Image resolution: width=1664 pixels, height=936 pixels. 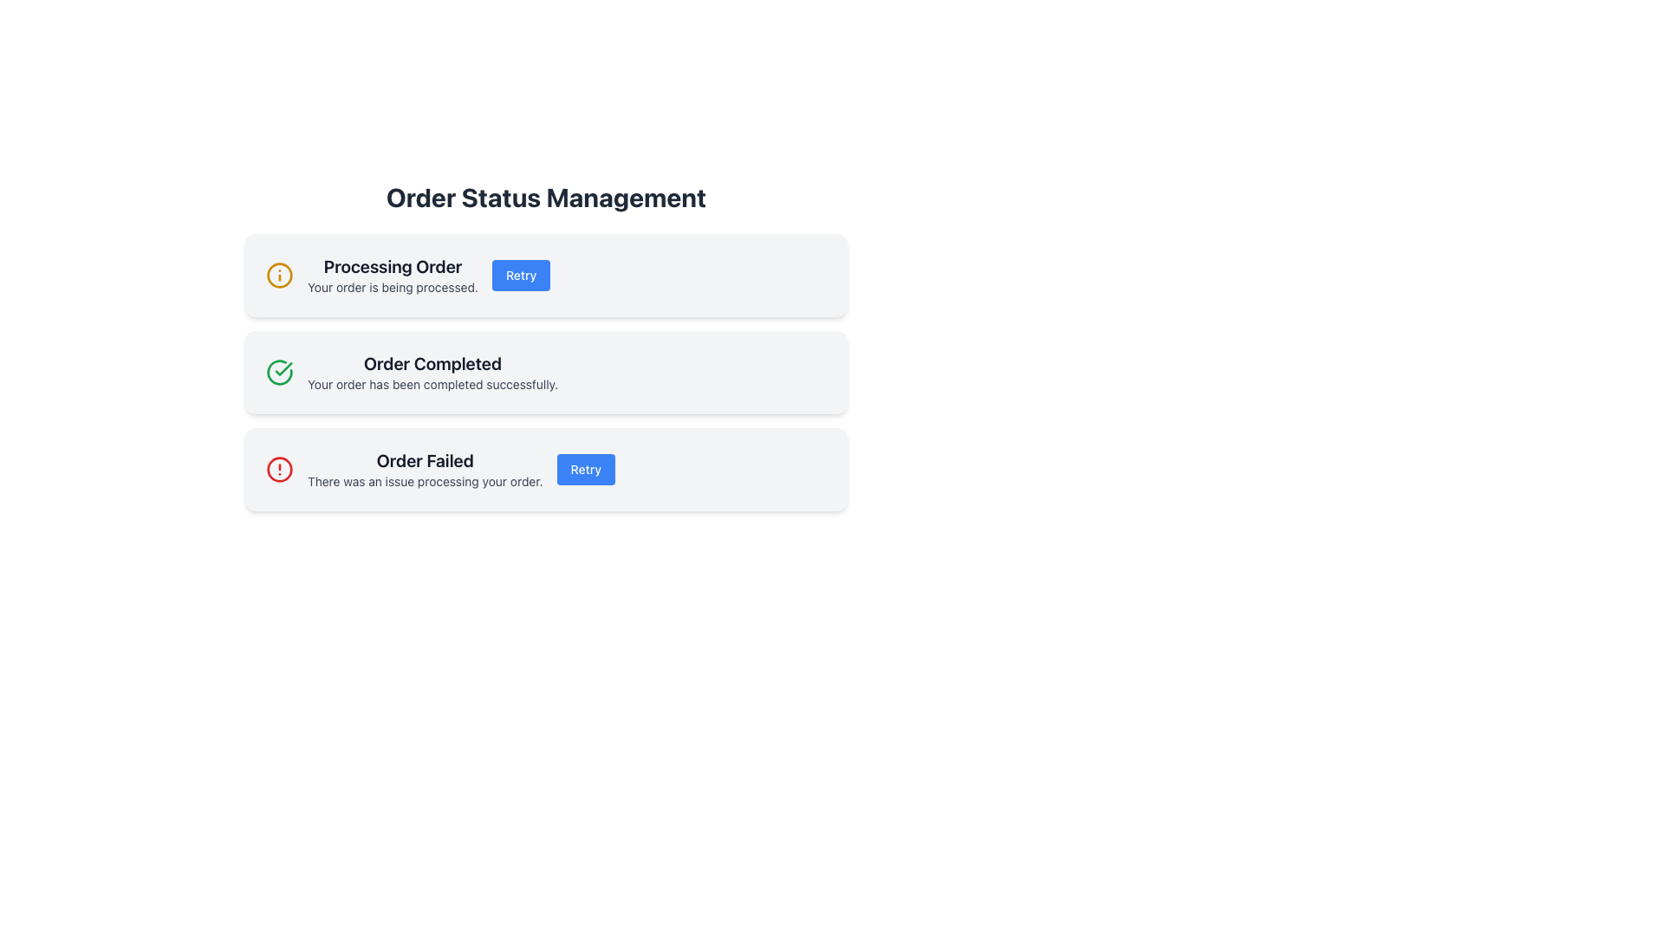 What do you see at coordinates (432, 363) in the screenshot?
I see `the text label indicating 'Order Completed' which states 'Your order has been completed successfully.'` at bounding box center [432, 363].